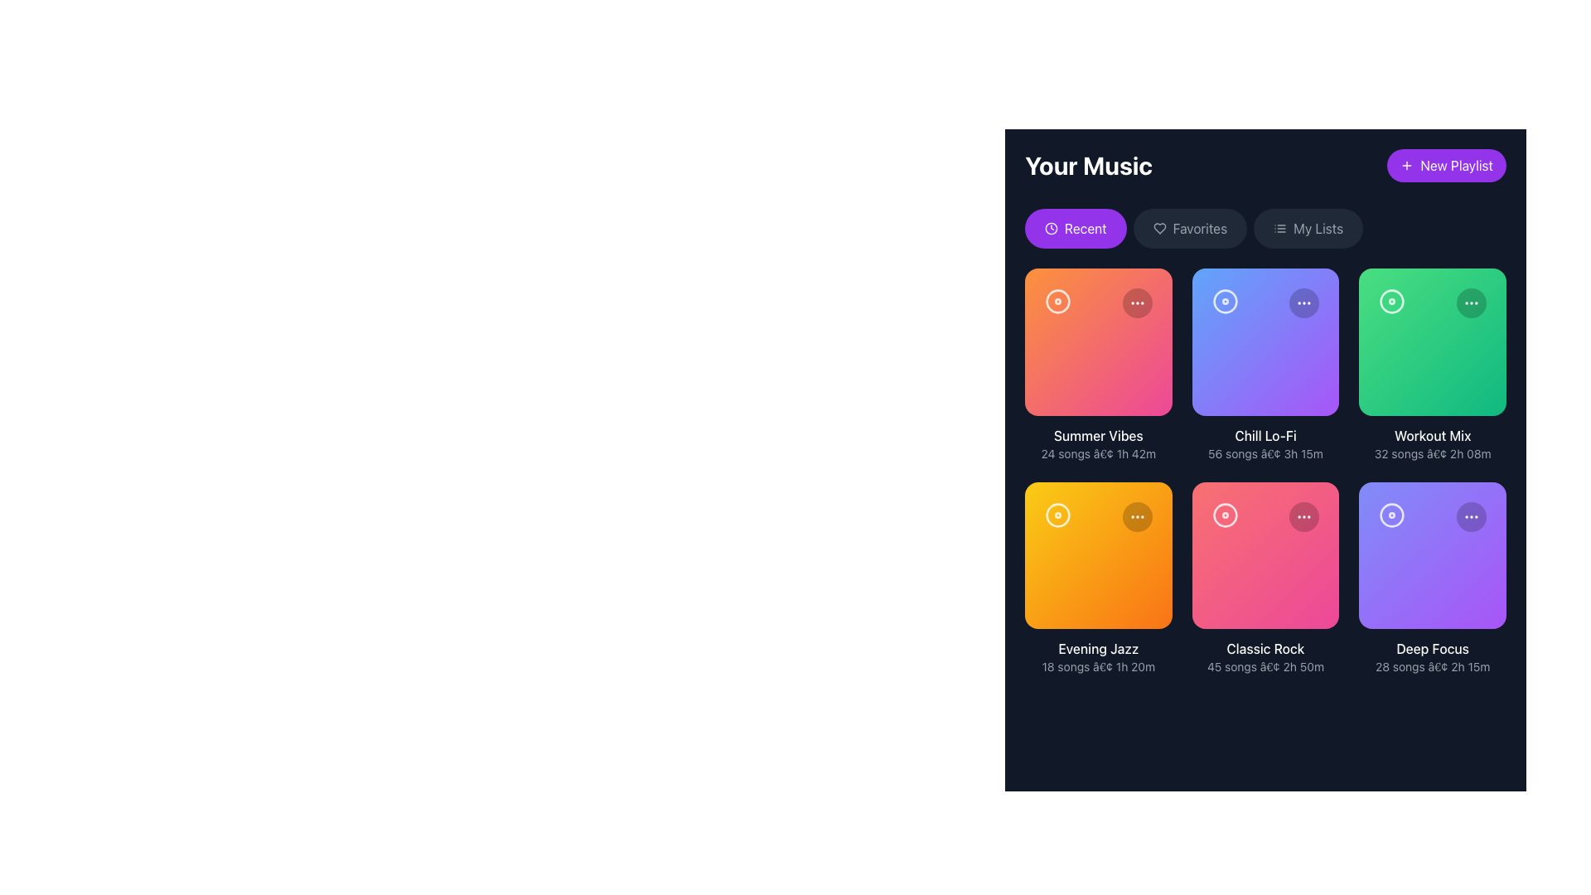 The width and height of the screenshot is (1591, 895). Describe the element at coordinates (1136, 515) in the screenshot. I see `the button located in the top-right corner of the orange card labeled 'Evening Jazz'` at that location.